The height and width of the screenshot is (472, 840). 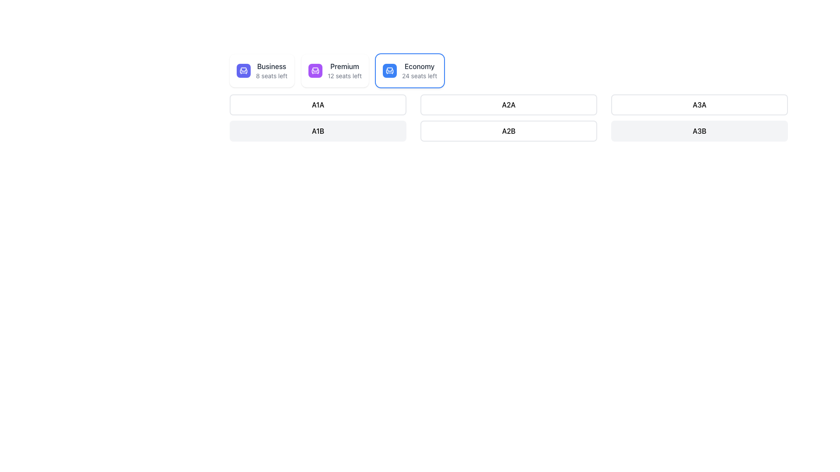 What do you see at coordinates (508, 104) in the screenshot?
I see `the rectangular button labeled 'A2A' with a white background and light gray rounded border, located in the top row of the layout, to the right of button 'A1A'` at bounding box center [508, 104].